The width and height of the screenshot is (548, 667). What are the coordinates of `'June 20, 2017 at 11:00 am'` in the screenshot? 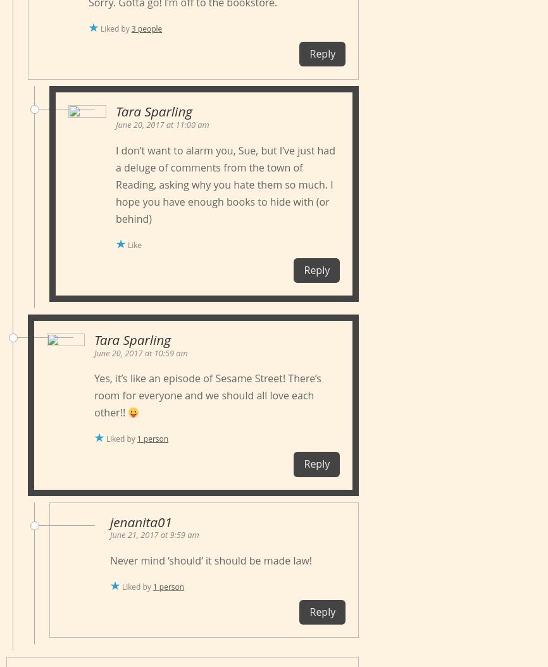 It's located at (115, 123).